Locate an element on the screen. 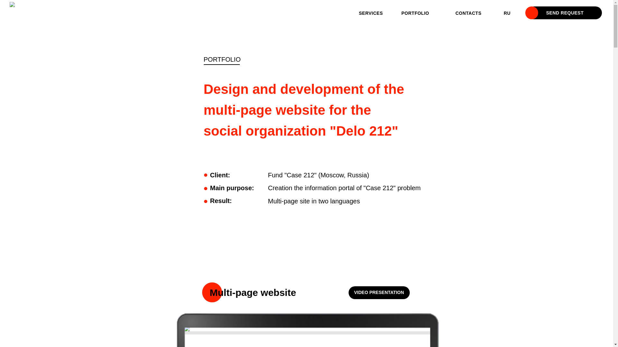  'SERVICES' is located at coordinates (371, 13).